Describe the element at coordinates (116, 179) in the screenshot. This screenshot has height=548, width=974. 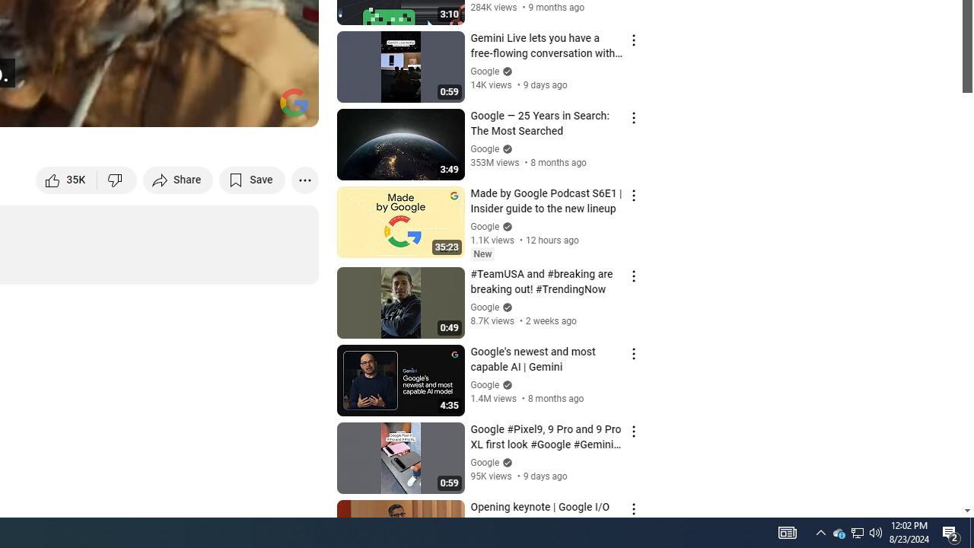
I see `'Dislike this video'` at that location.